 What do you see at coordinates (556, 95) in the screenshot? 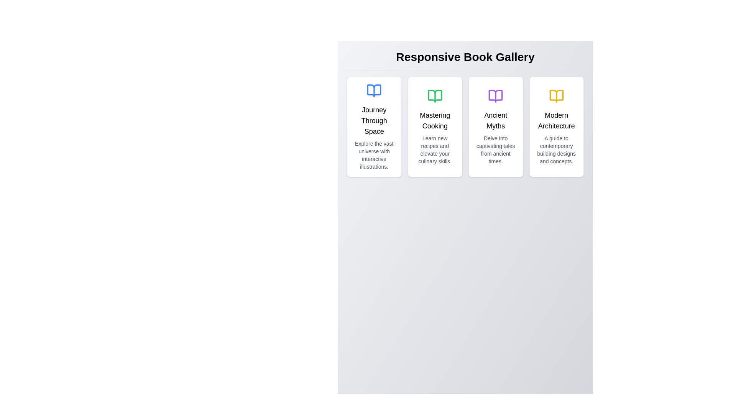
I see `the decorative icon that emphasizes the context of the 'Modern Architecture' card, which is located at the top-centered position inside the card` at bounding box center [556, 95].